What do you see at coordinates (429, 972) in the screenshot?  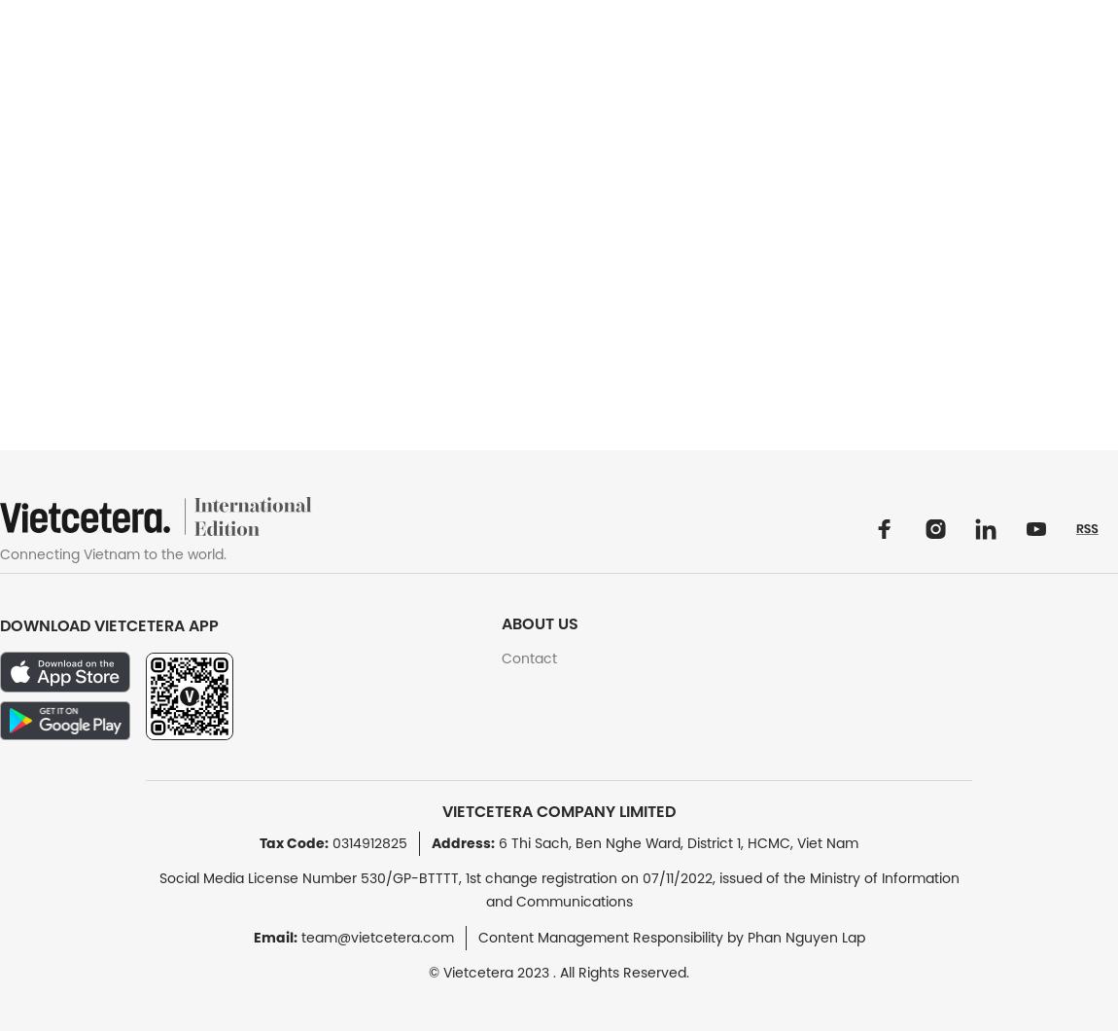 I see `'© Vietcetera 2023 . All Rights Reserved.'` at bounding box center [429, 972].